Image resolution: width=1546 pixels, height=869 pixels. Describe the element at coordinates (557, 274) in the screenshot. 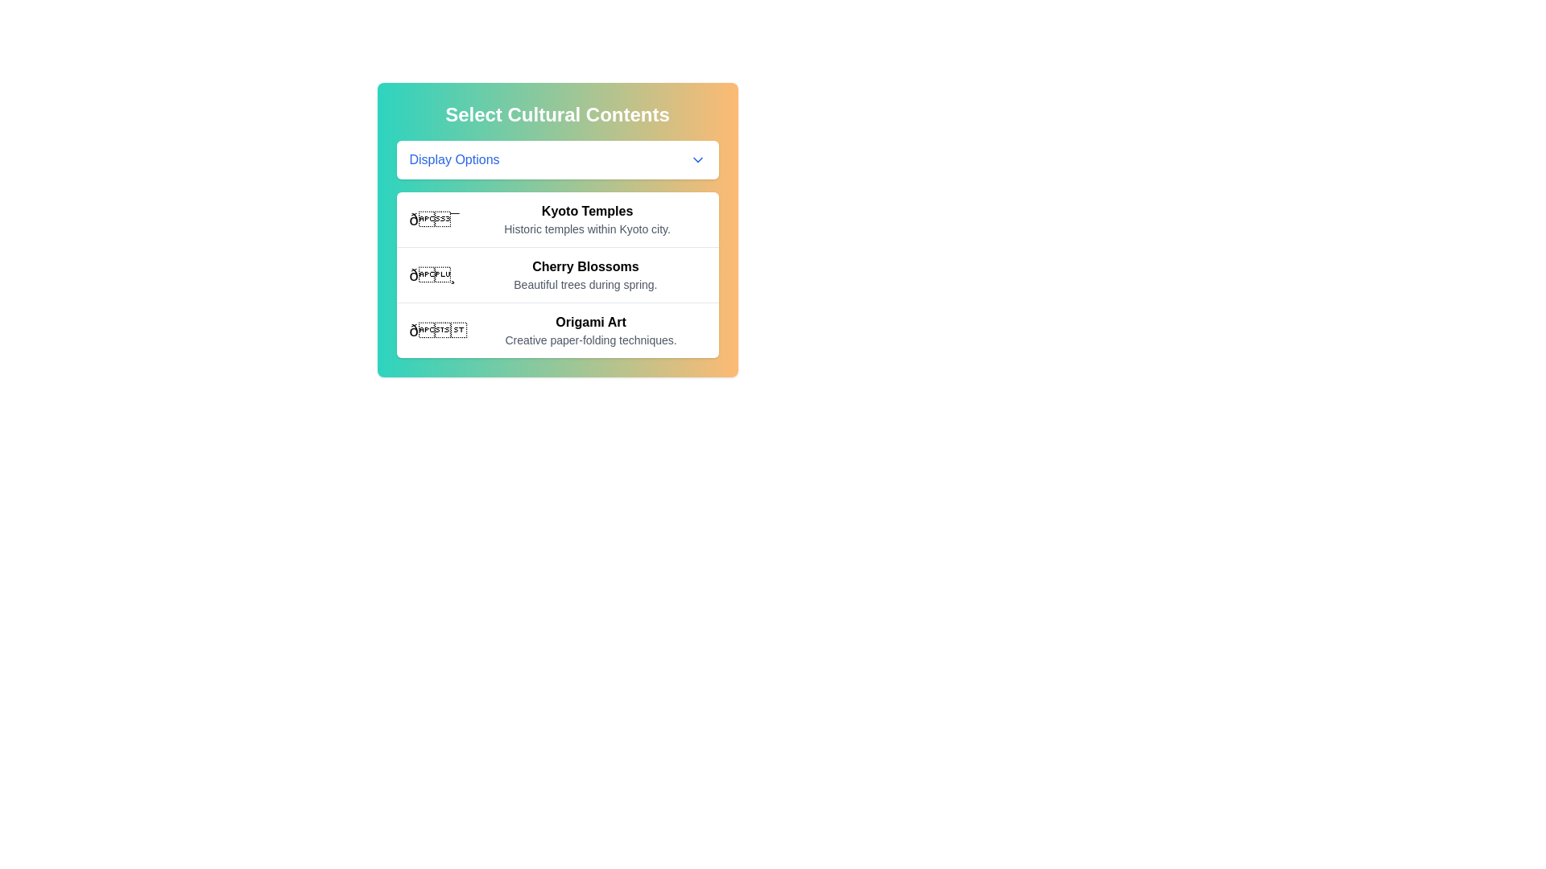

I see `the second entry in the cultural content selection list, which provides information about cherry blossoms` at that location.